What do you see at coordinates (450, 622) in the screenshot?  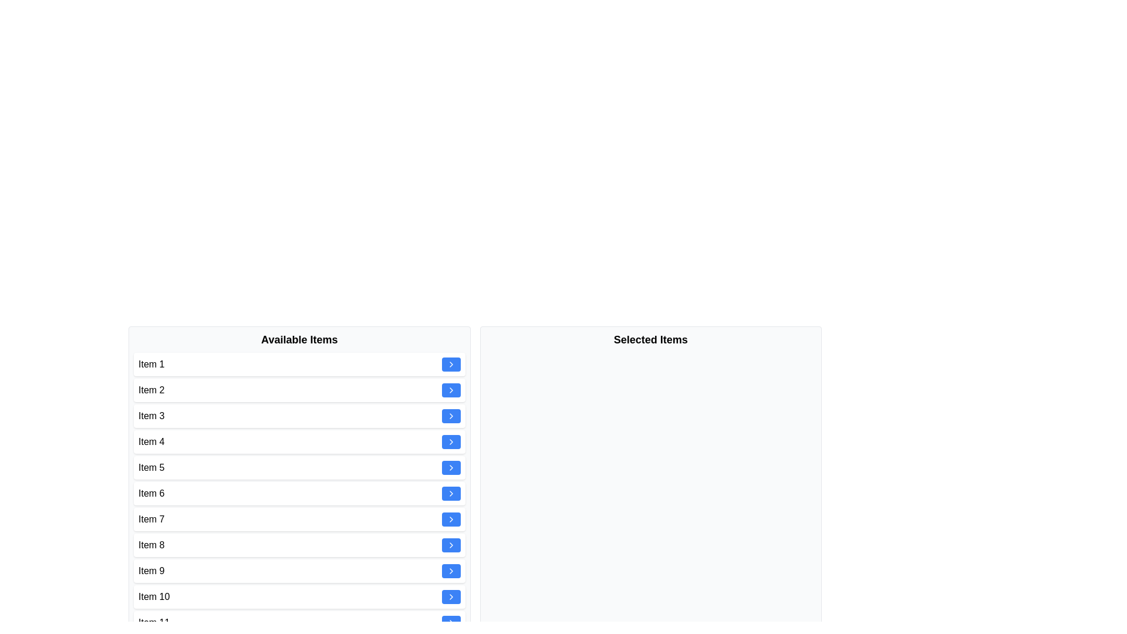 I see `the button located at the far right of the 'Item 11' entry in the 'Available Items' section to initiate an action` at bounding box center [450, 622].